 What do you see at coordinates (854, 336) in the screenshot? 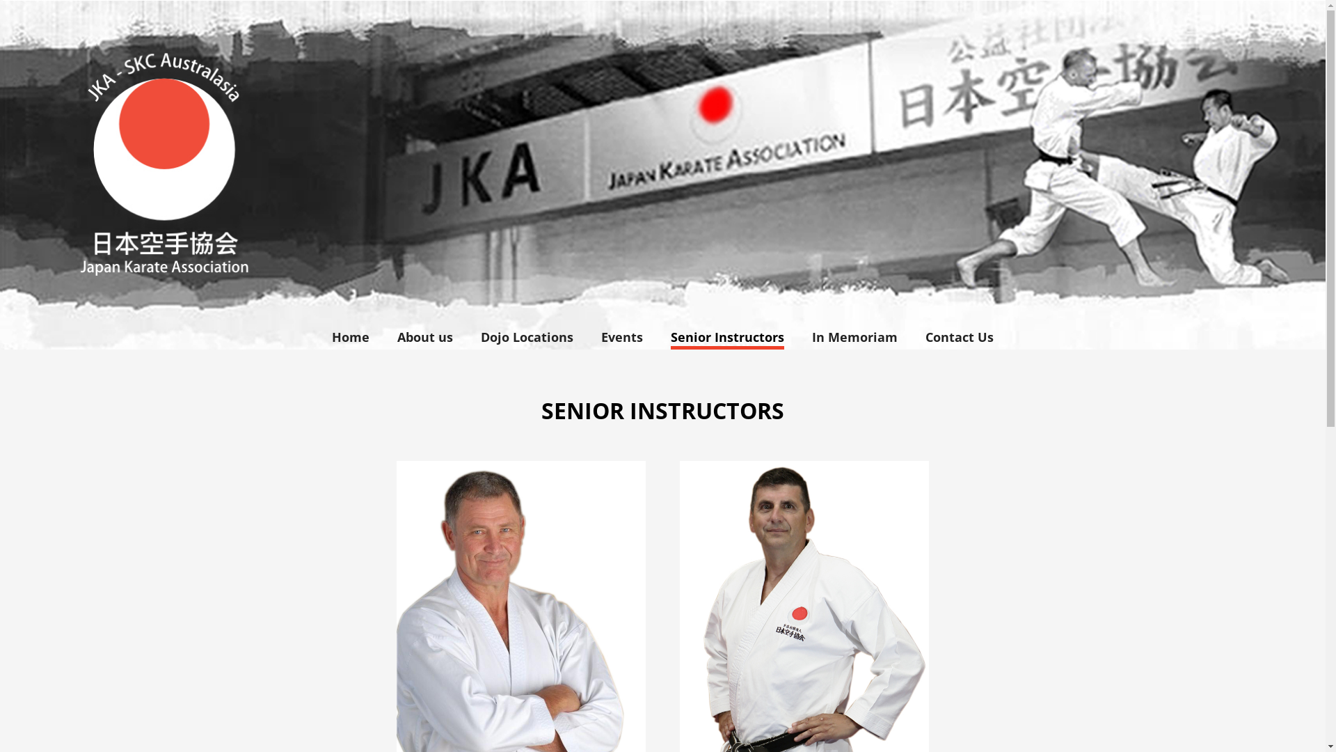
I see `'In Memoriam'` at bounding box center [854, 336].